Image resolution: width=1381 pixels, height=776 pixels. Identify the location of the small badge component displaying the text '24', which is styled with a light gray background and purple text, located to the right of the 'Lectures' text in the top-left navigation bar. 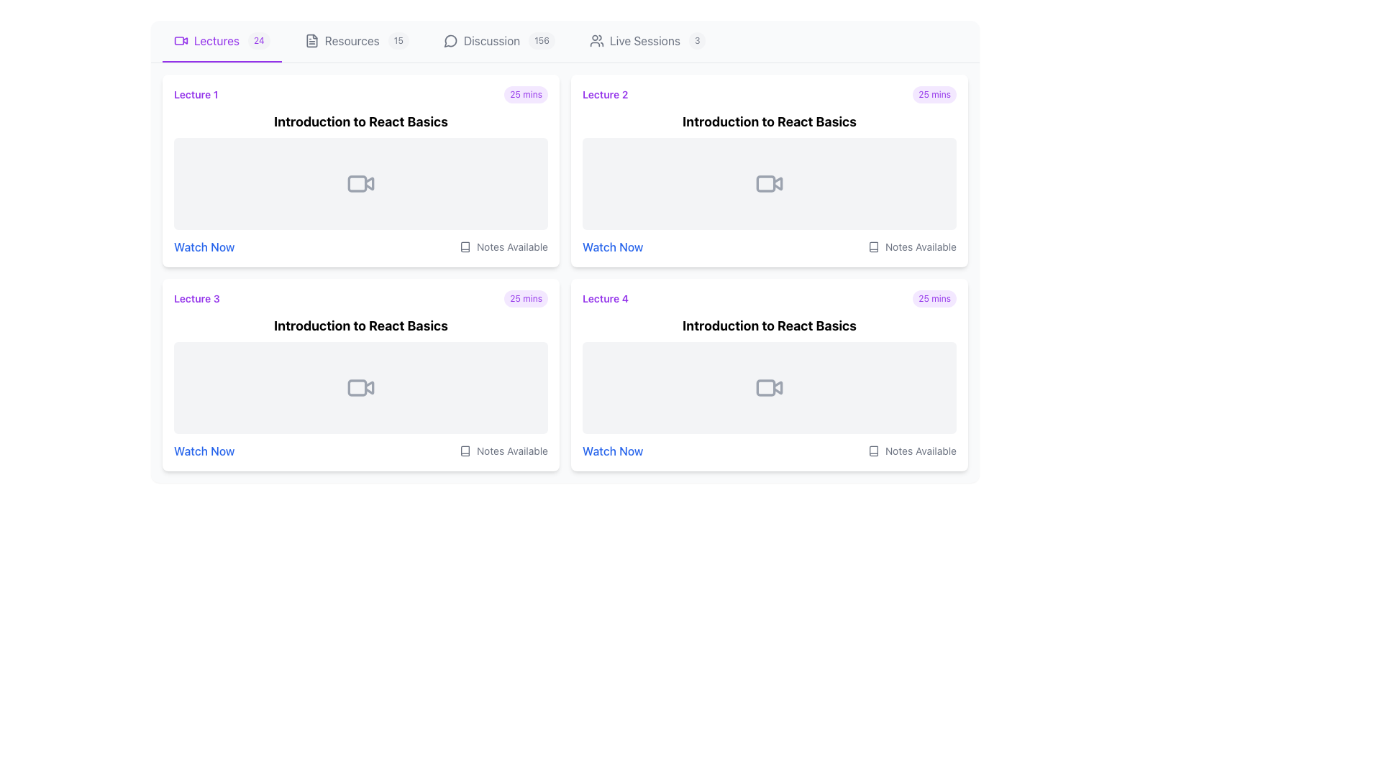
(259, 40).